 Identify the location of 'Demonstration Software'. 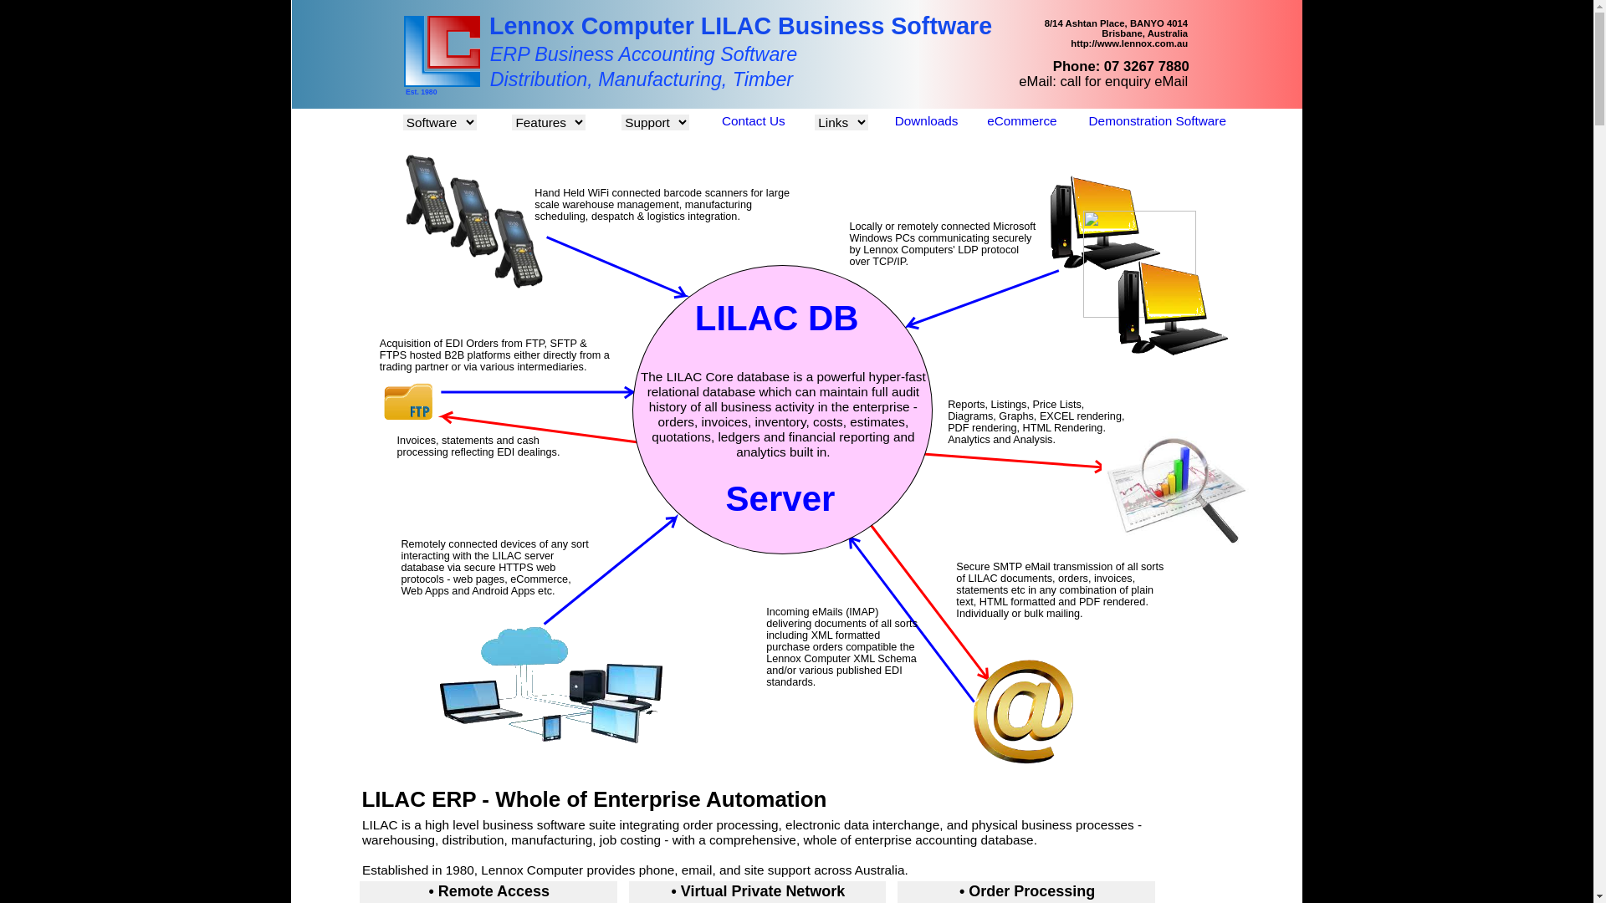
(1156, 120).